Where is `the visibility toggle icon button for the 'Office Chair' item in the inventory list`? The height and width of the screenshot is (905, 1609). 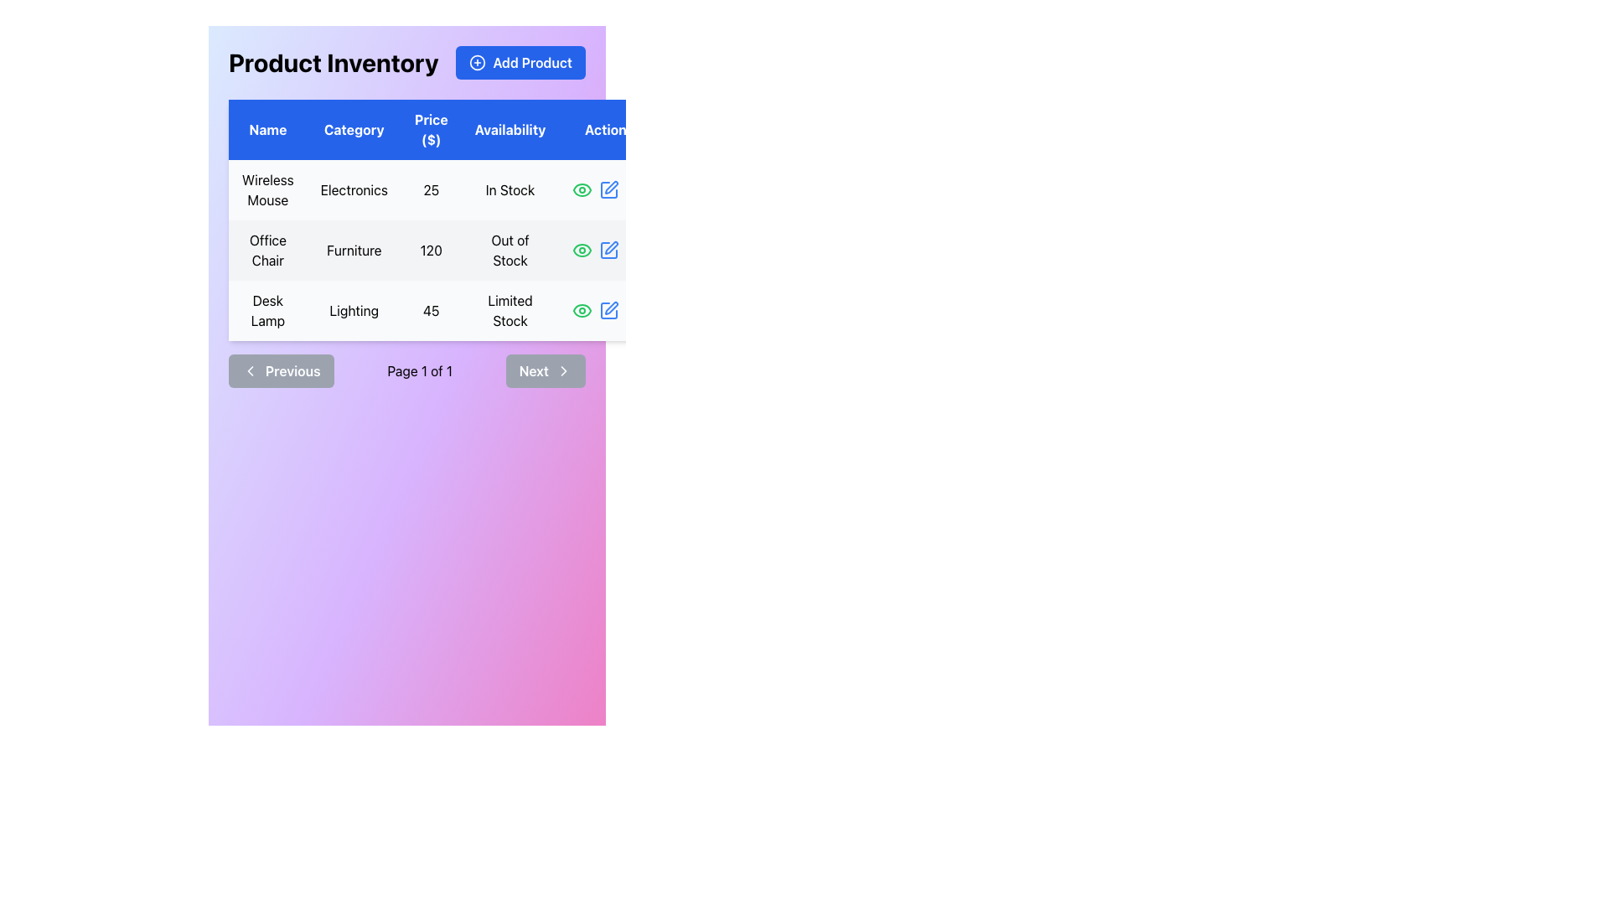 the visibility toggle icon button for the 'Office Chair' item in the inventory list is located at coordinates (582, 251).